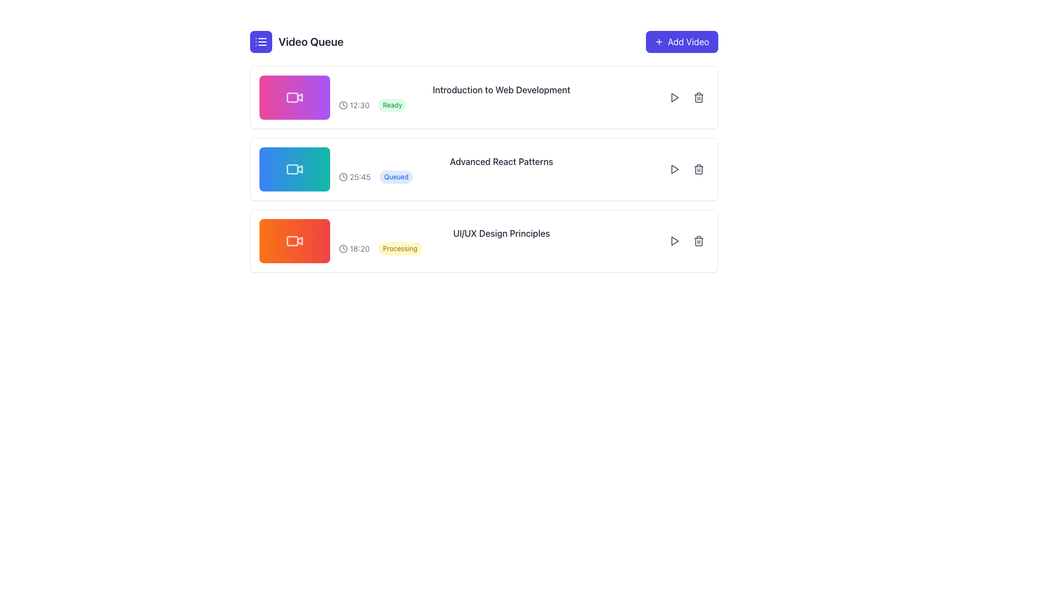 The image size is (1060, 596). Describe the element at coordinates (674, 240) in the screenshot. I see `the playback button located on the right side of the 'UI/UX Design Principles' row` at that location.